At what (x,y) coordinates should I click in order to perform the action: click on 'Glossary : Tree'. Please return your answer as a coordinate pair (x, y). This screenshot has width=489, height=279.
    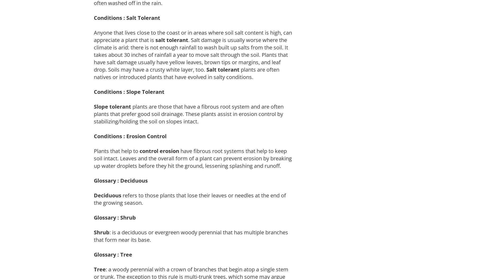
    Looking at the image, I should click on (94, 254).